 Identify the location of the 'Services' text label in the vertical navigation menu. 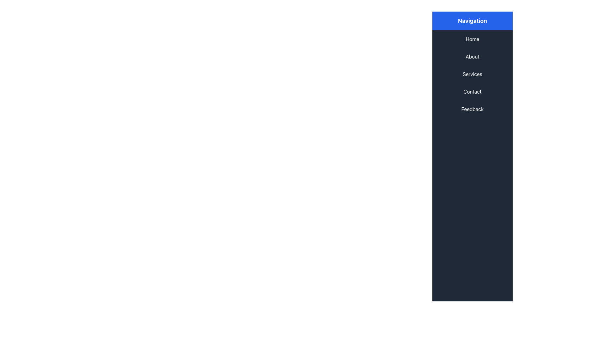
(473, 74).